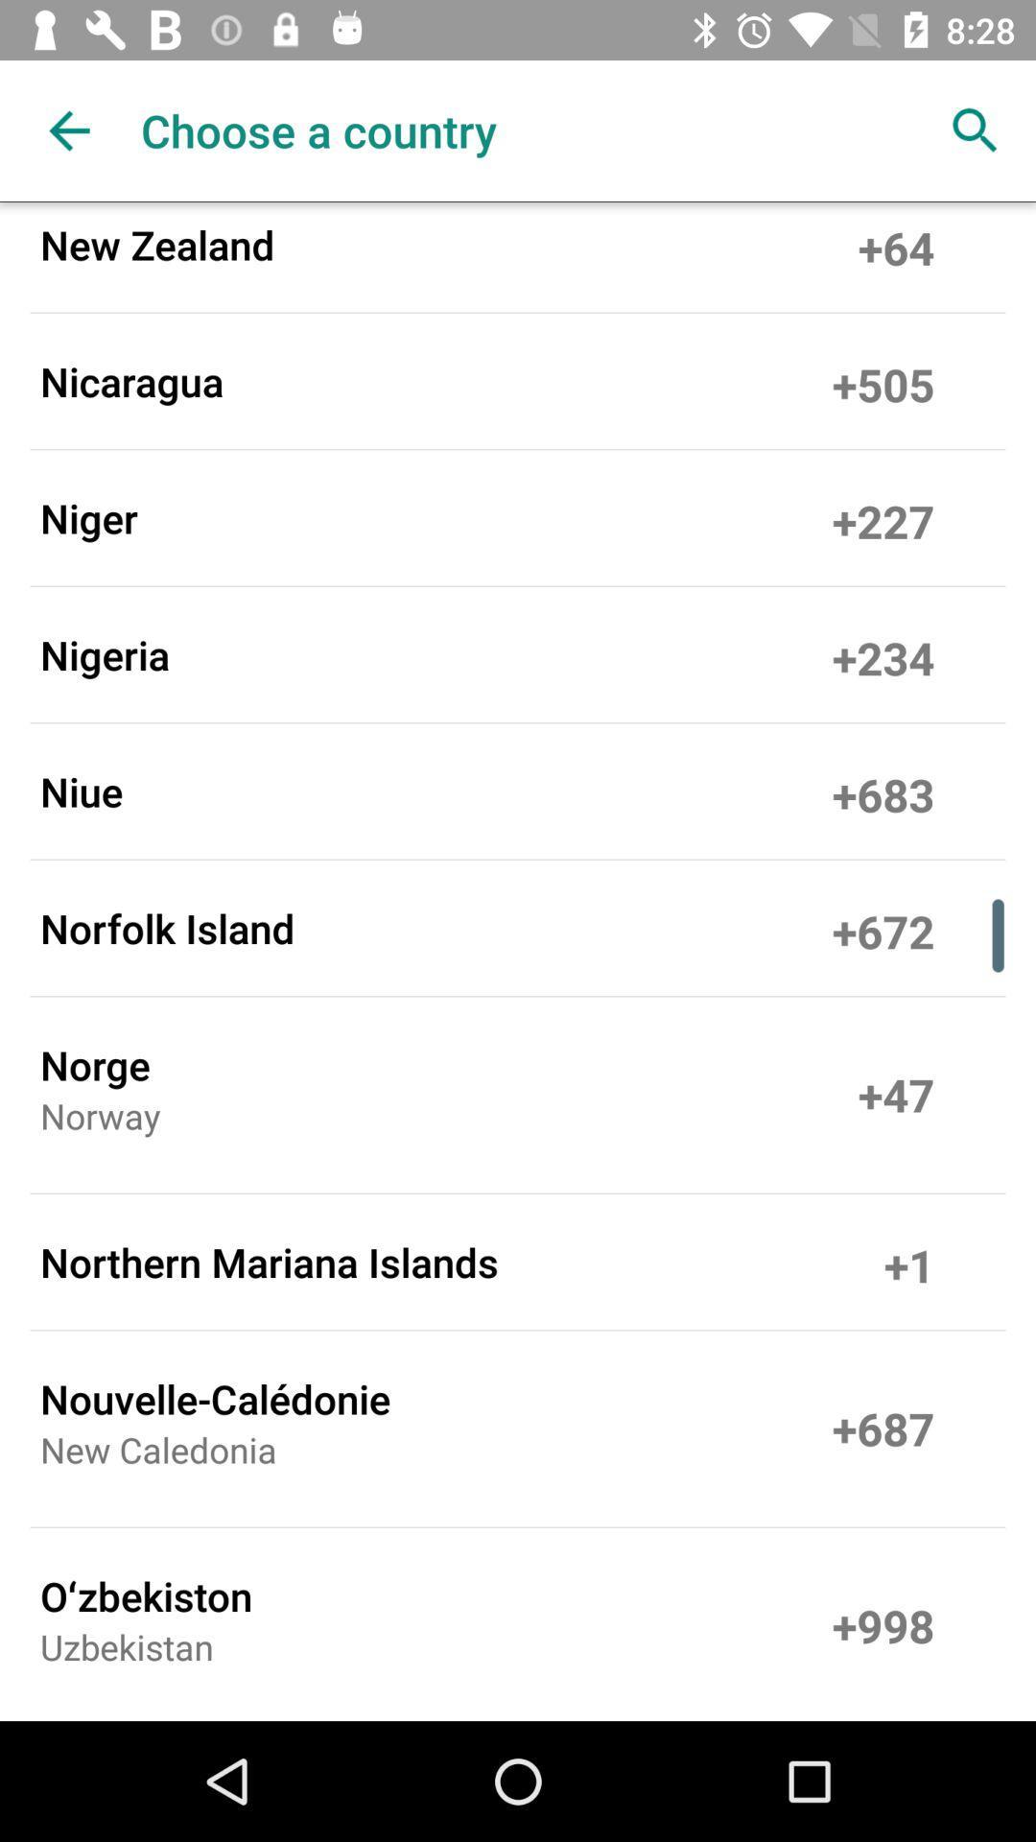 The height and width of the screenshot is (1842, 1036). Describe the element at coordinates (157, 1455) in the screenshot. I see `the new caledonia item` at that location.